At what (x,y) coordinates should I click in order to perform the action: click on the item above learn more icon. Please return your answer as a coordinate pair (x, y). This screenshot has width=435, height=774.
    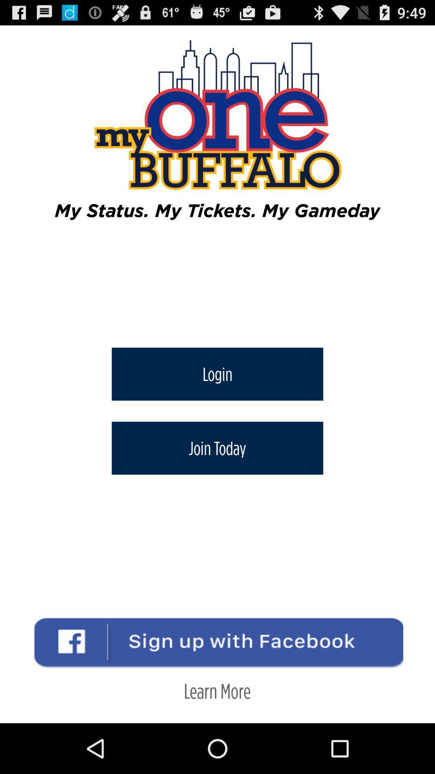
    Looking at the image, I should click on (217, 447).